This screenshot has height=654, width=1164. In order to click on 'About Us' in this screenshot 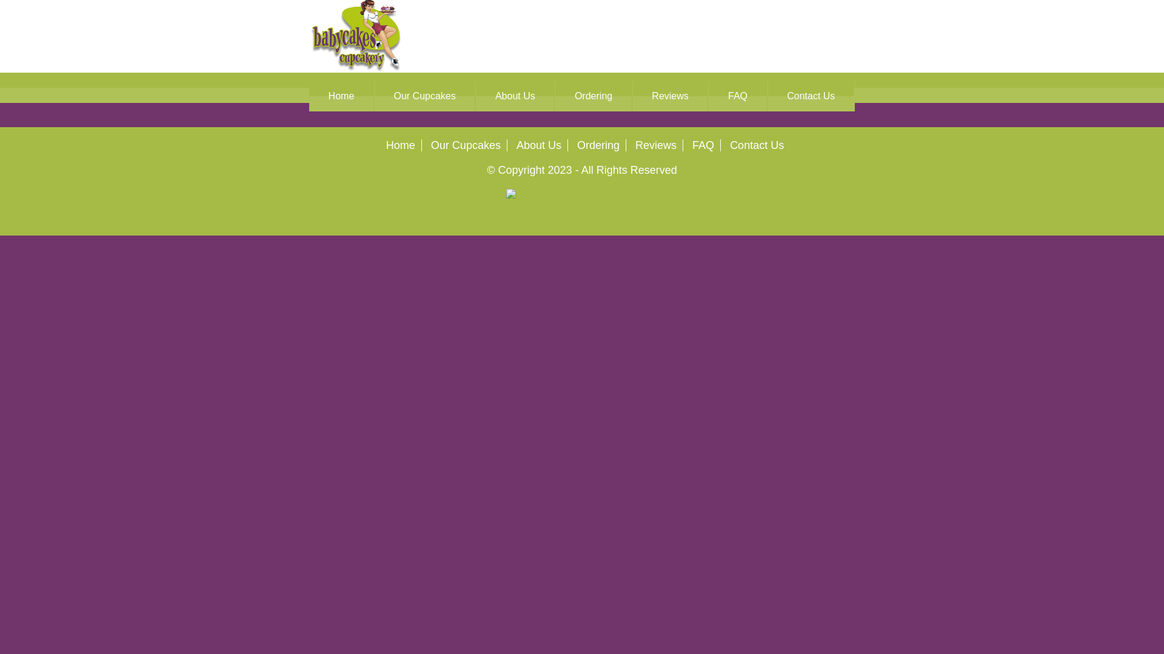, I will do `click(475, 95)`.